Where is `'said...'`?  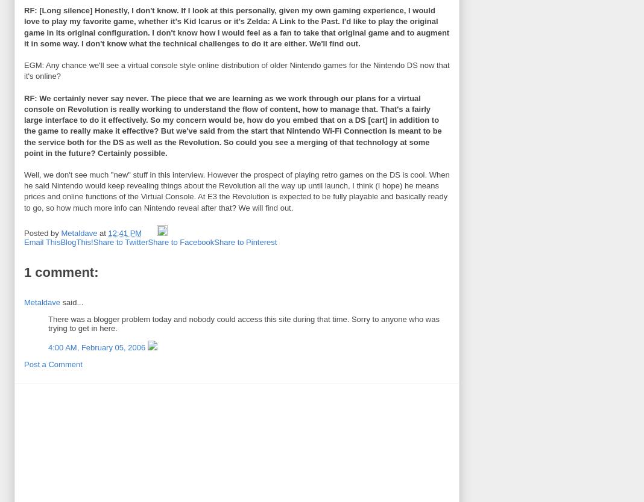 'said...' is located at coordinates (59, 301).